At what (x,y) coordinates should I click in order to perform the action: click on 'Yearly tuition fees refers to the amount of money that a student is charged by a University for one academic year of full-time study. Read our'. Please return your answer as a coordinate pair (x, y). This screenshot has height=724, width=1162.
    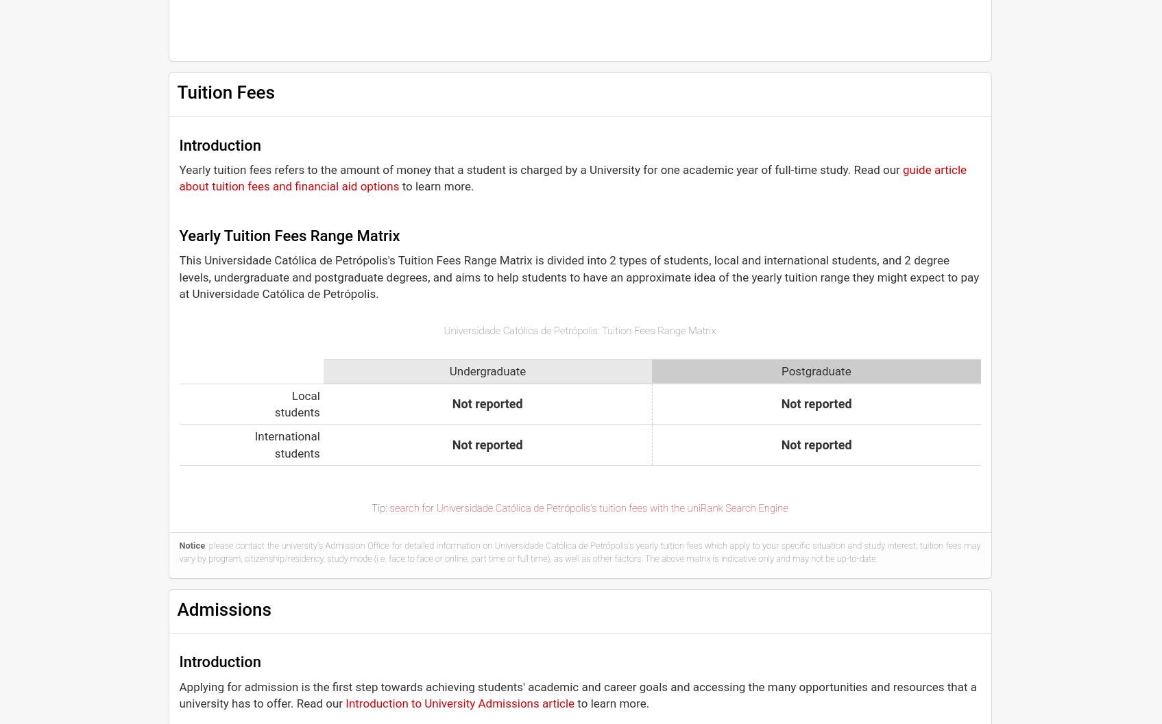
    Looking at the image, I should click on (541, 168).